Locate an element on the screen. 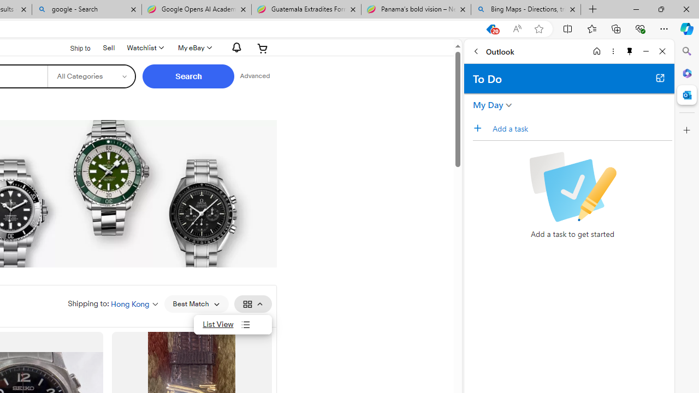 The image size is (699, 393). 'Expand Cart' is located at coordinates (263, 47).